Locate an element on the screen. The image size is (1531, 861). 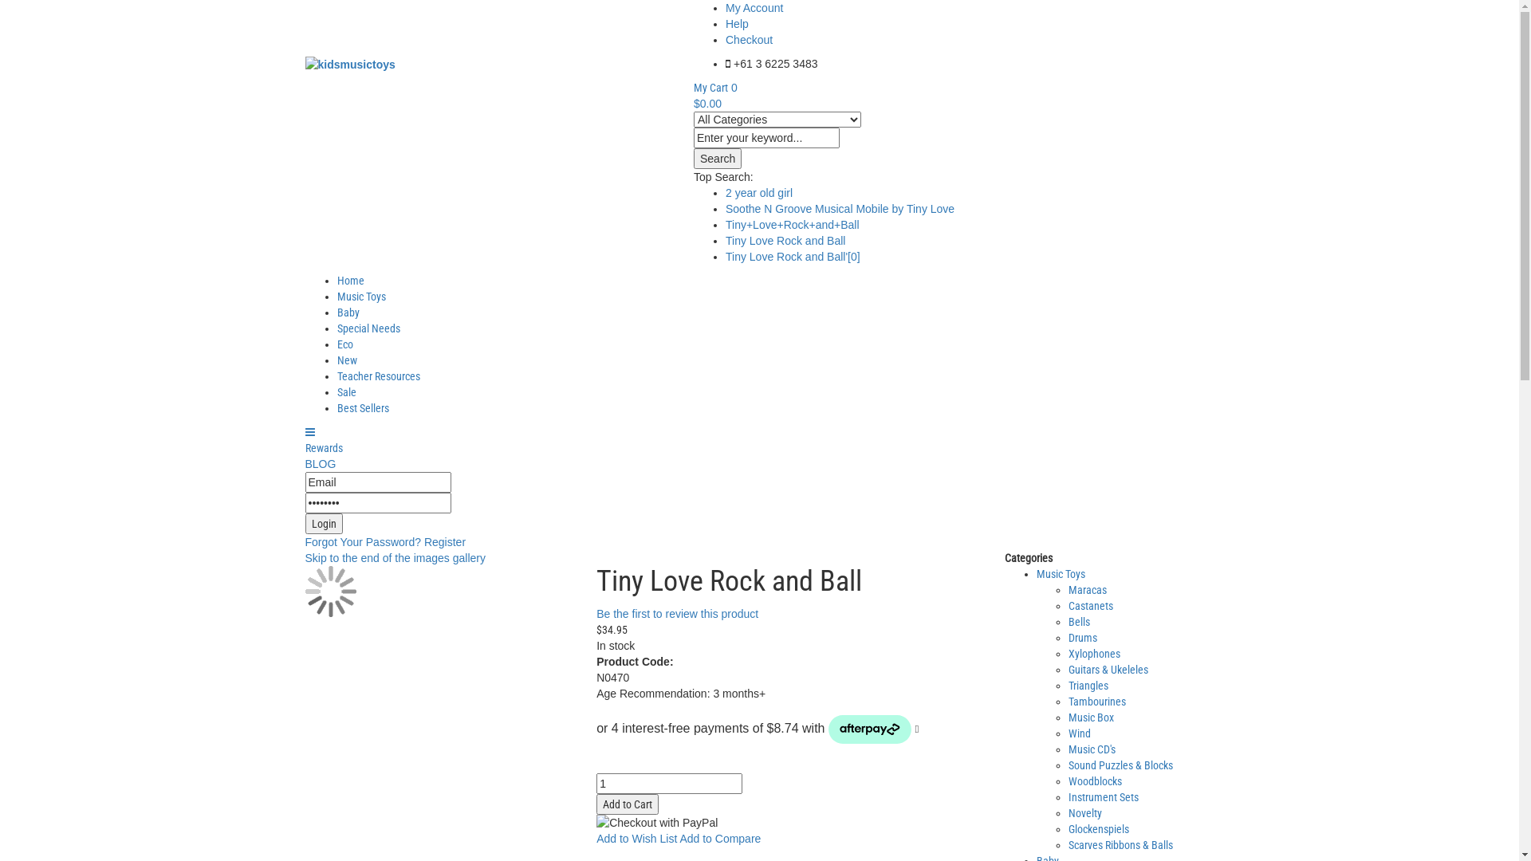
'Novelty' is located at coordinates (1084, 812).